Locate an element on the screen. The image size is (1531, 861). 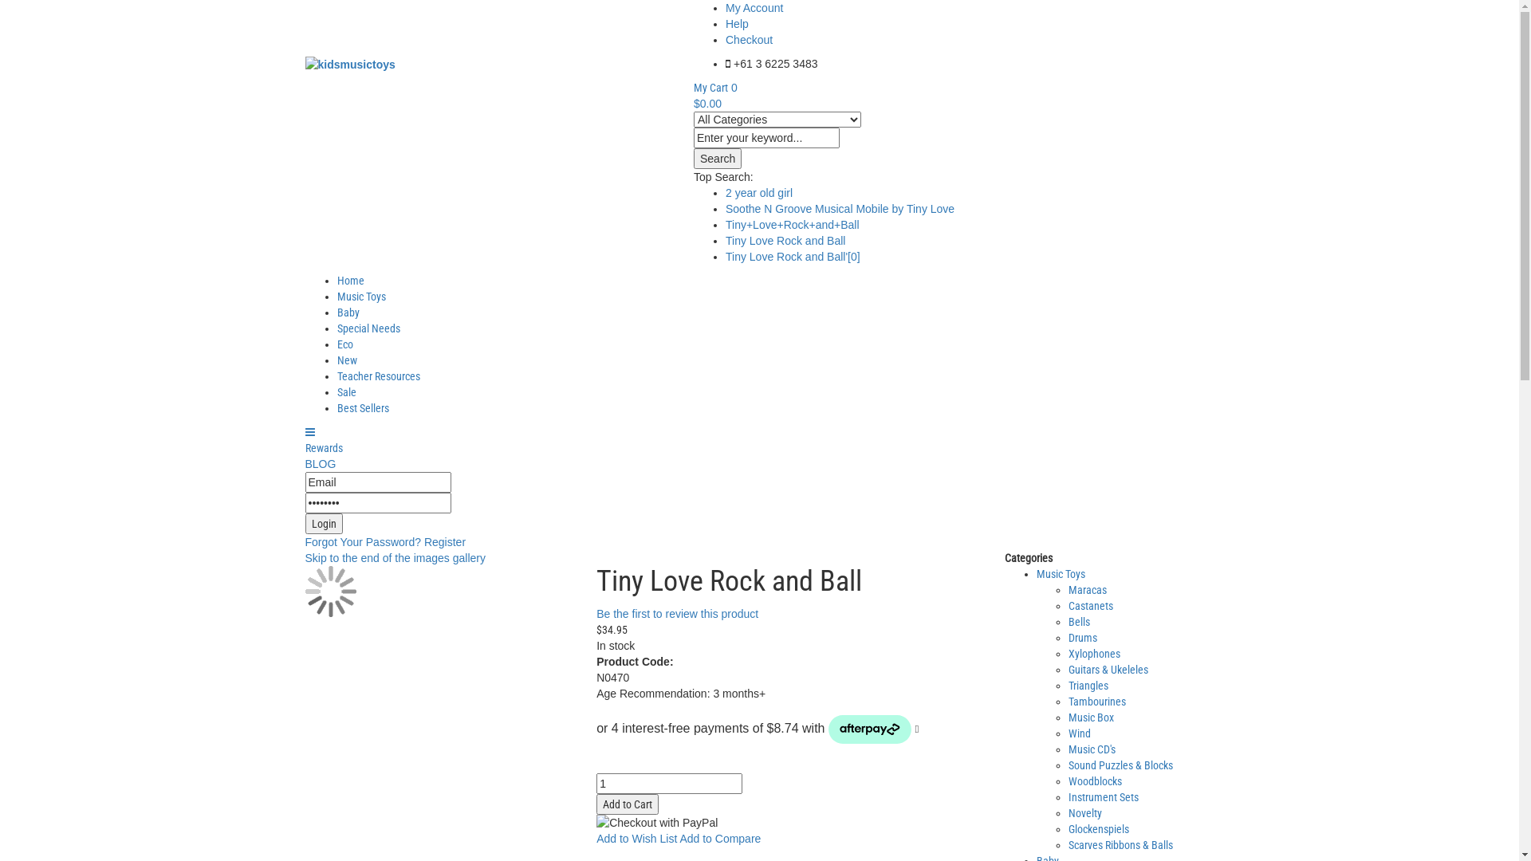
'Novelty' is located at coordinates (1084, 812).